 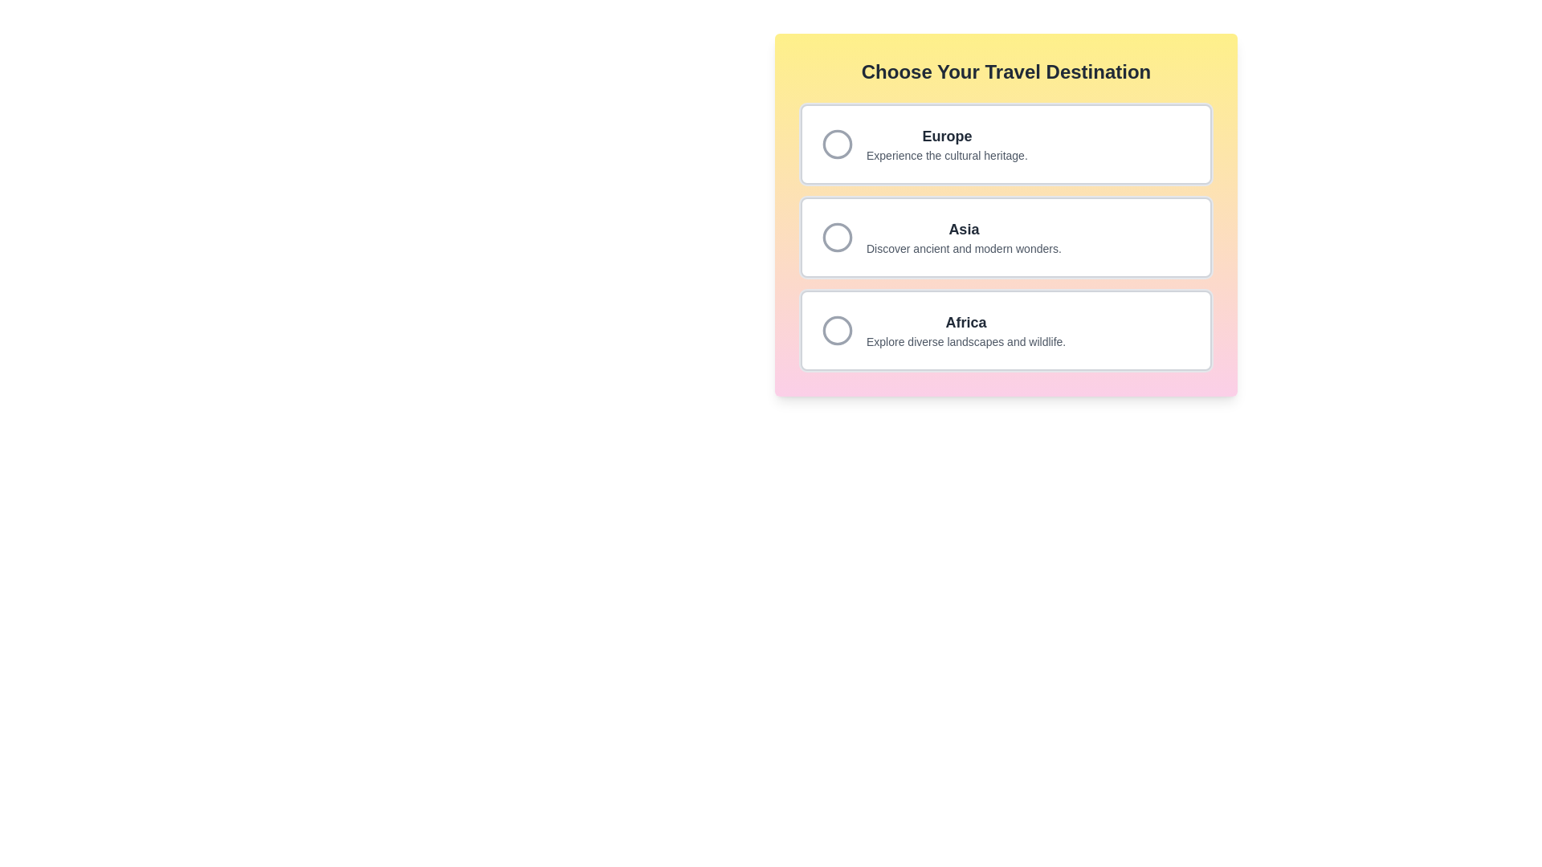 What do you see at coordinates (964, 229) in the screenshot?
I see `the heading text for the second option in the travel destination choice interface, which is located in the middle section of a list within a card component` at bounding box center [964, 229].